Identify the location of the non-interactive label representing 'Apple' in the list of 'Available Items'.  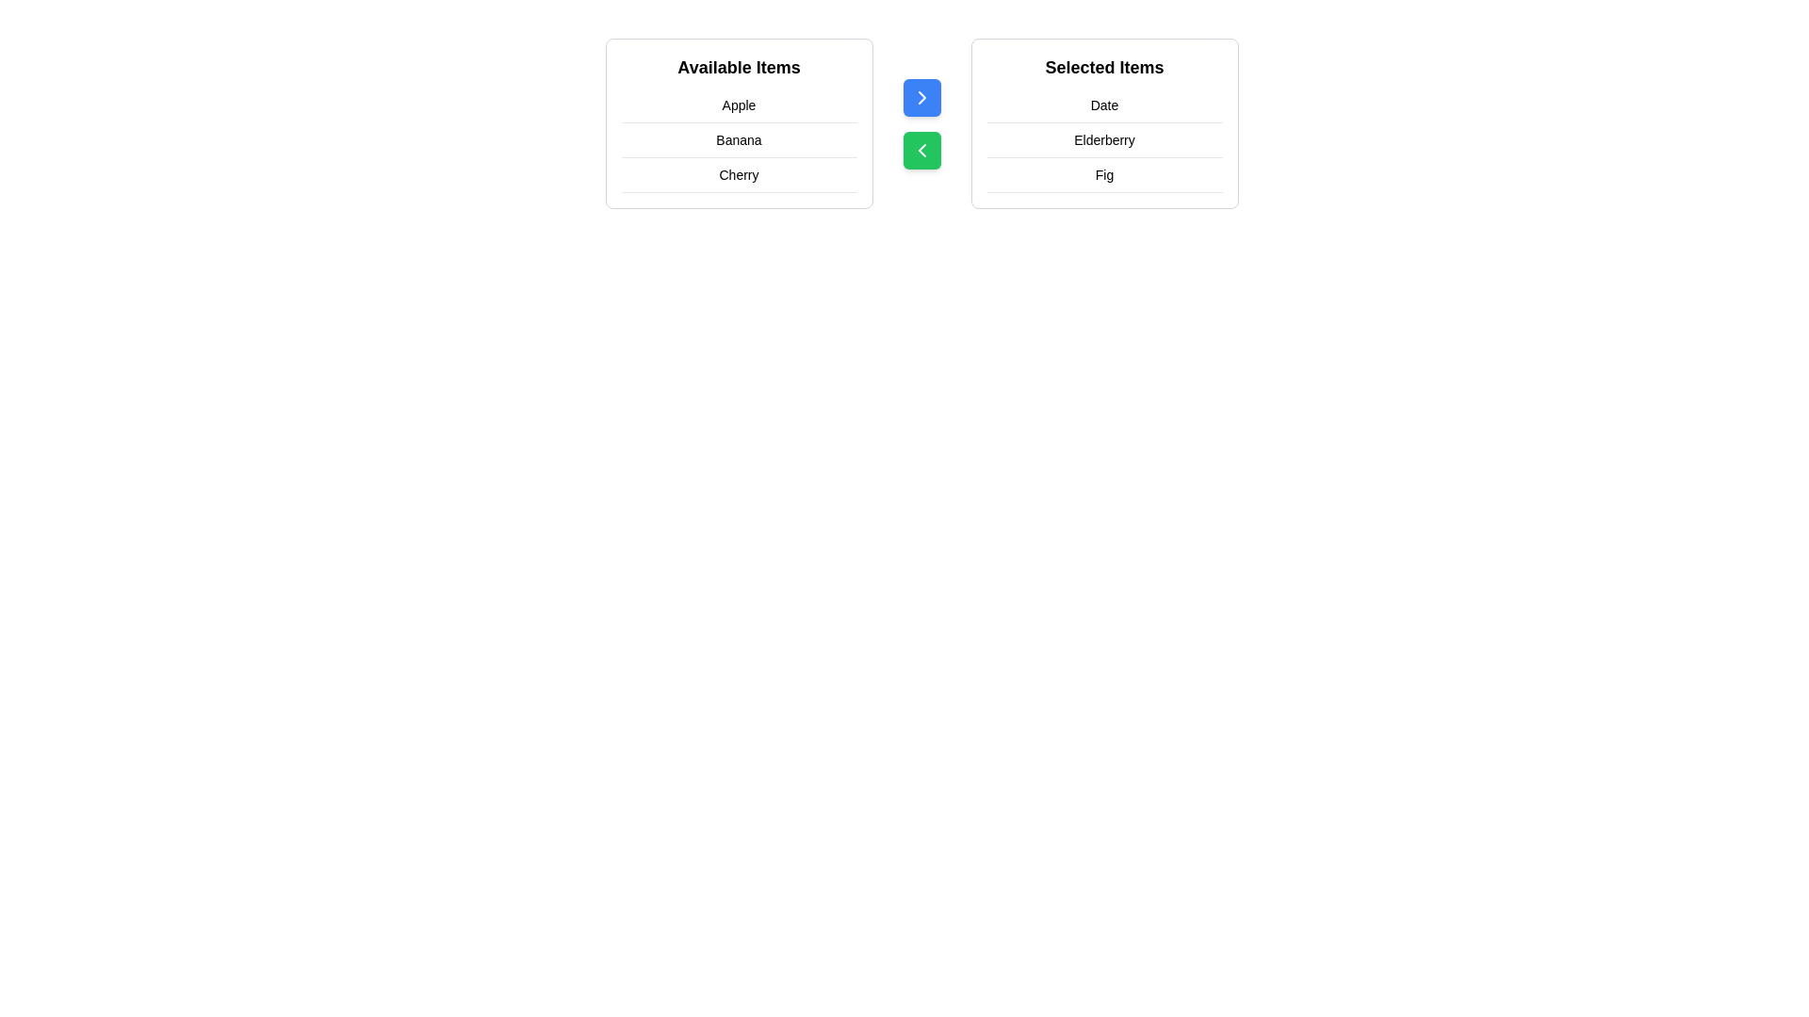
(738, 105).